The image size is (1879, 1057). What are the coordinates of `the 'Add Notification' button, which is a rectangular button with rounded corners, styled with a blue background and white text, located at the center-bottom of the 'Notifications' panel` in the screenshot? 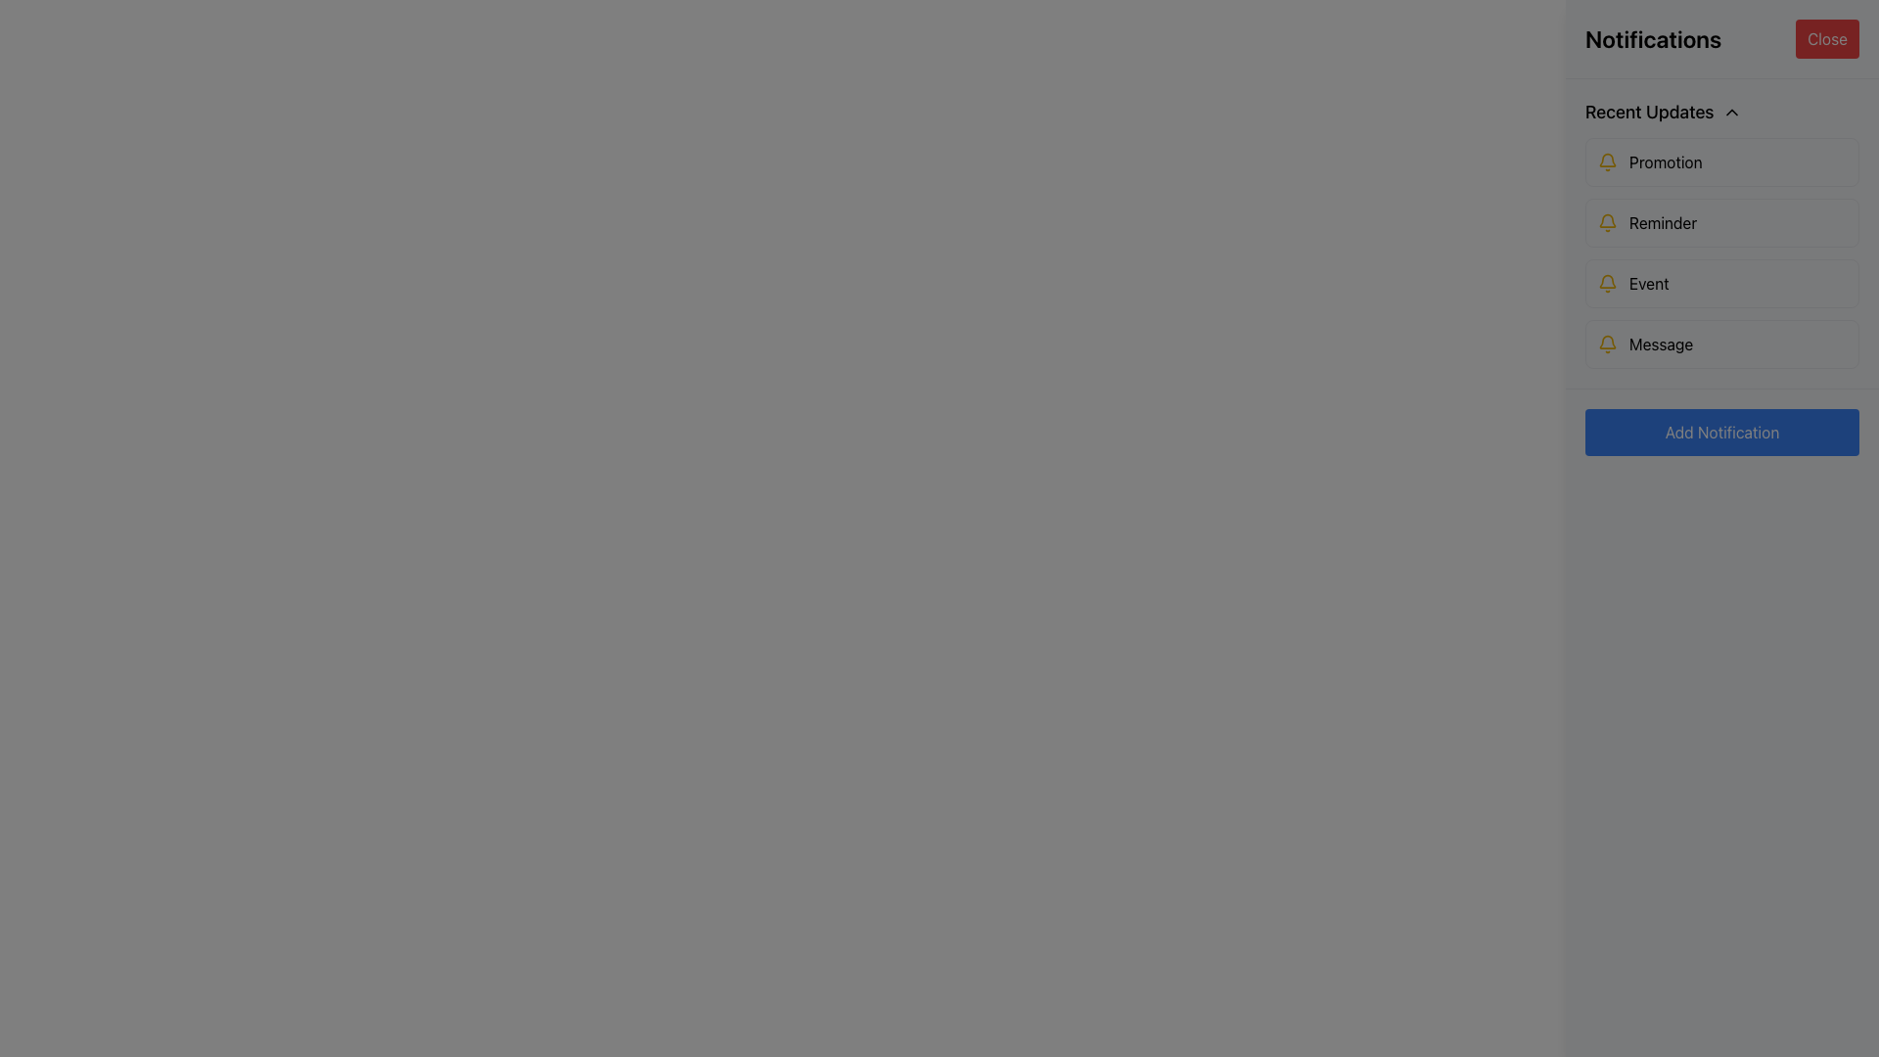 It's located at (1722, 432).